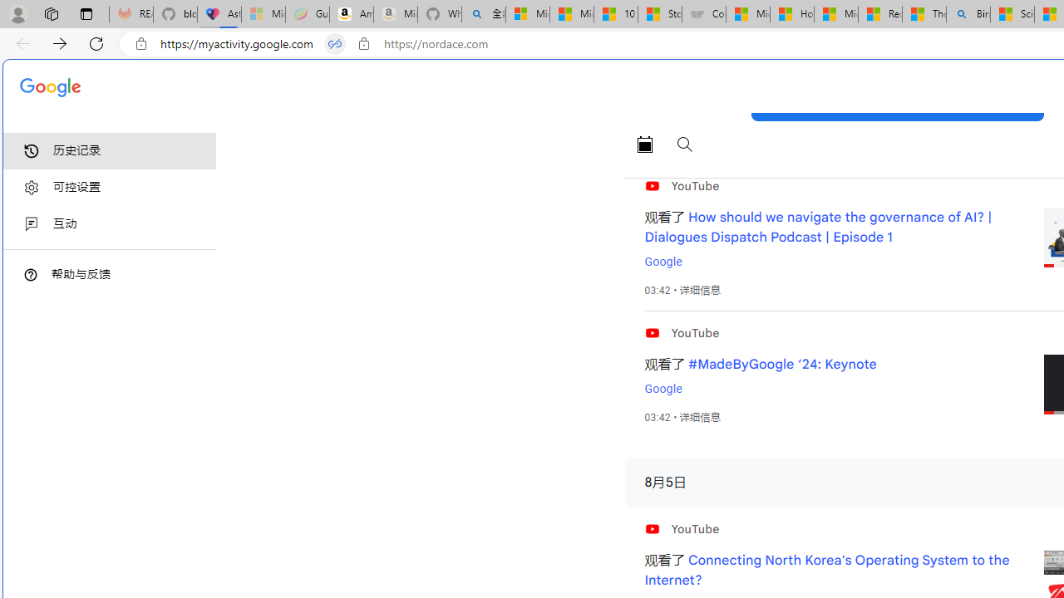 The width and height of the screenshot is (1064, 598). I want to click on 'Connecting North Korea', so click(826, 570).